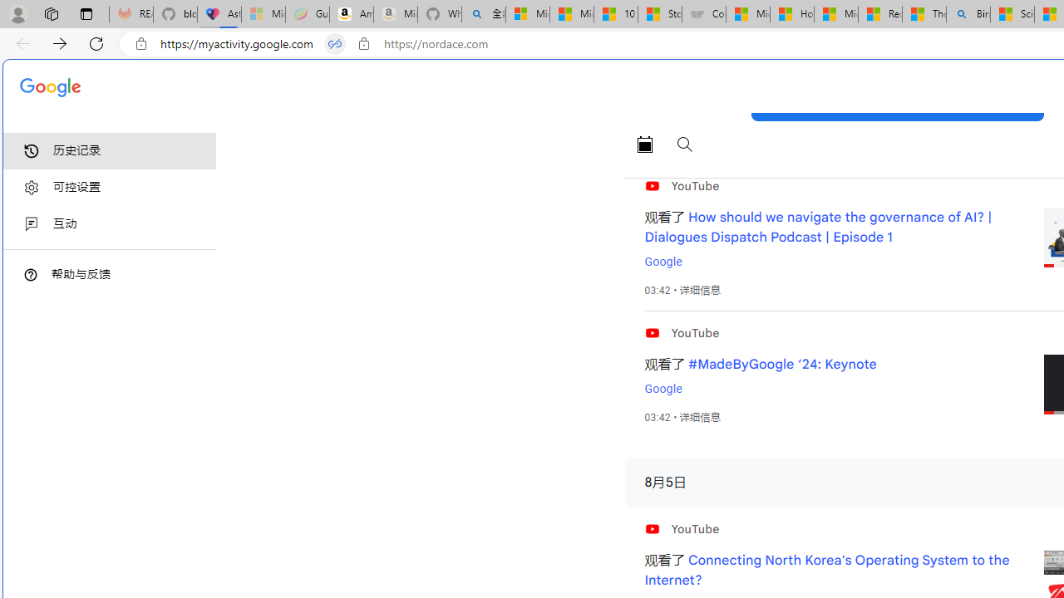 The width and height of the screenshot is (1064, 598). I want to click on 'Connecting North Korea', so click(826, 570).